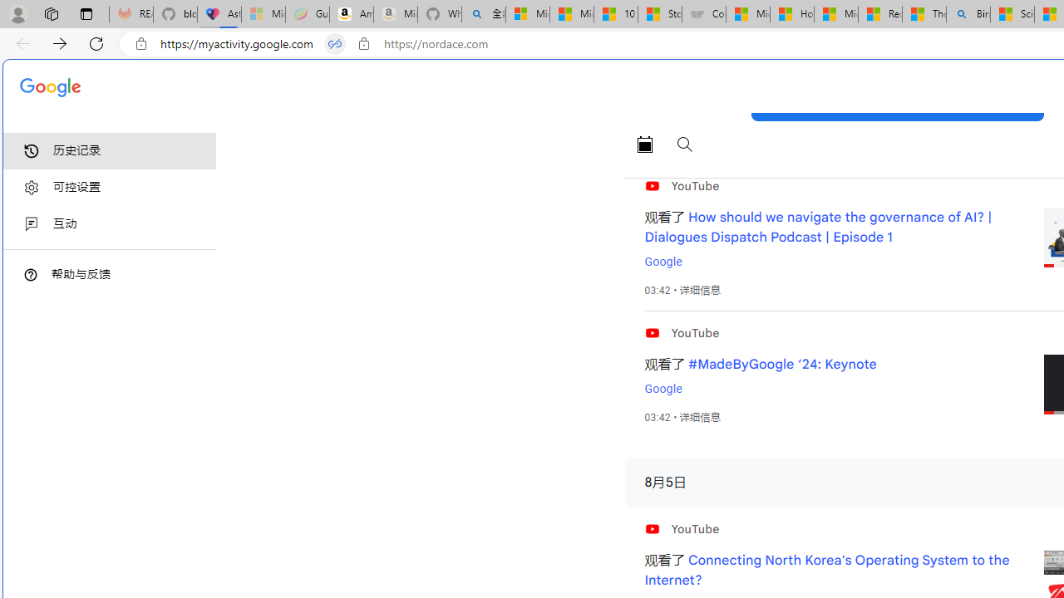 The width and height of the screenshot is (1064, 598). I want to click on 'Connecting North Korea', so click(826, 570).